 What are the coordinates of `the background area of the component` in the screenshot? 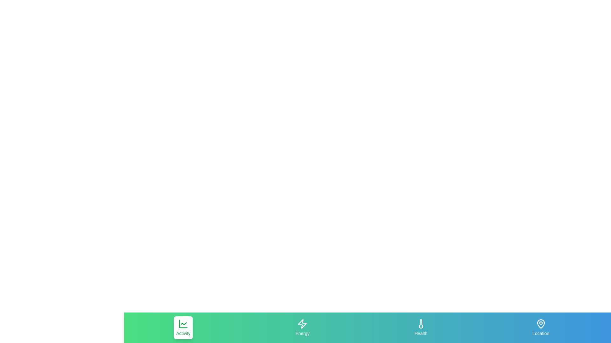 It's located at (244, 328).